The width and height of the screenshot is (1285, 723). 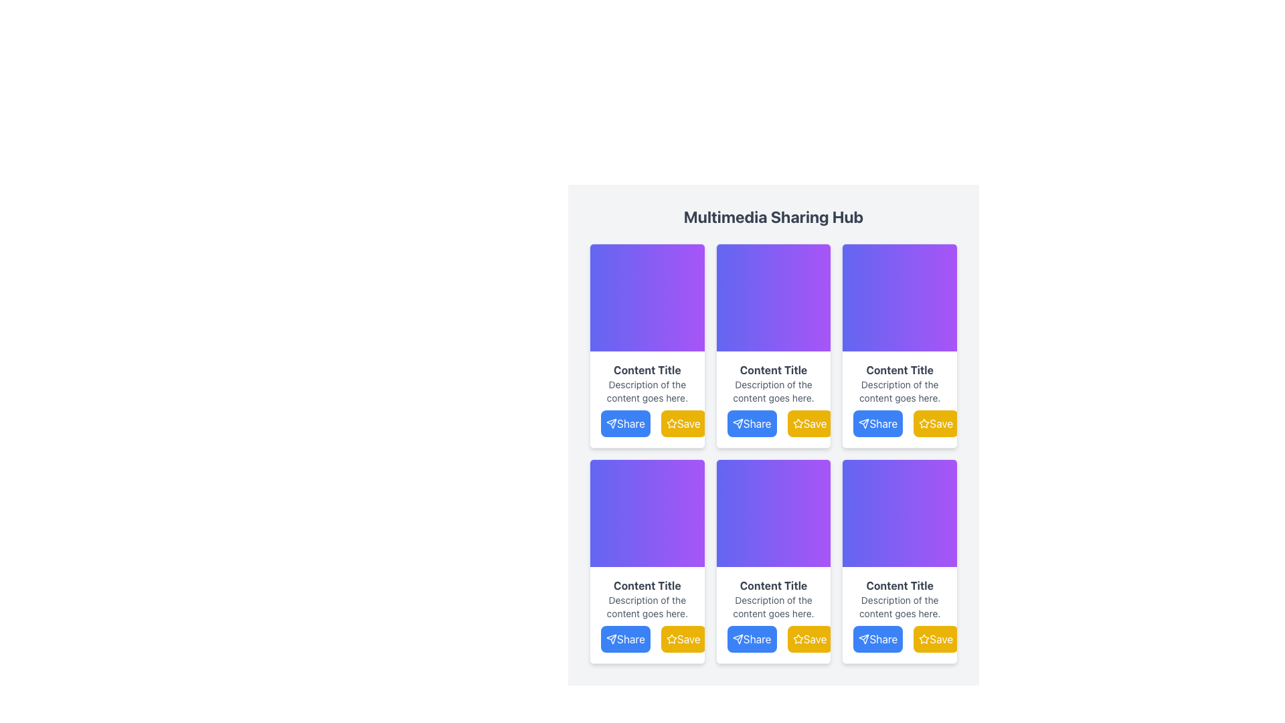 What do you see at coordinates (671, 423) in the screenshot?
I see `the star icon within the 'Save' button located on the second card in the first row of the grid` at bounding box center [671, 423].